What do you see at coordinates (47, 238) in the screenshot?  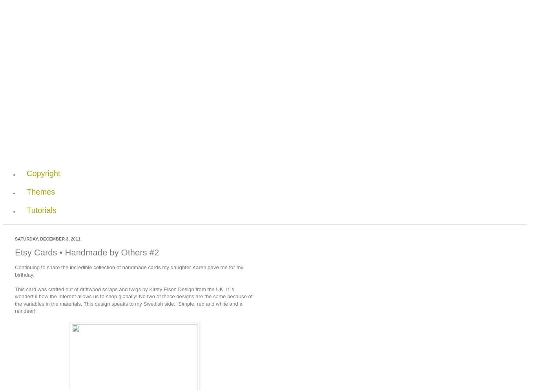 I see `'Saturday, December 3, 2011'` at bounding box center [47, 238].